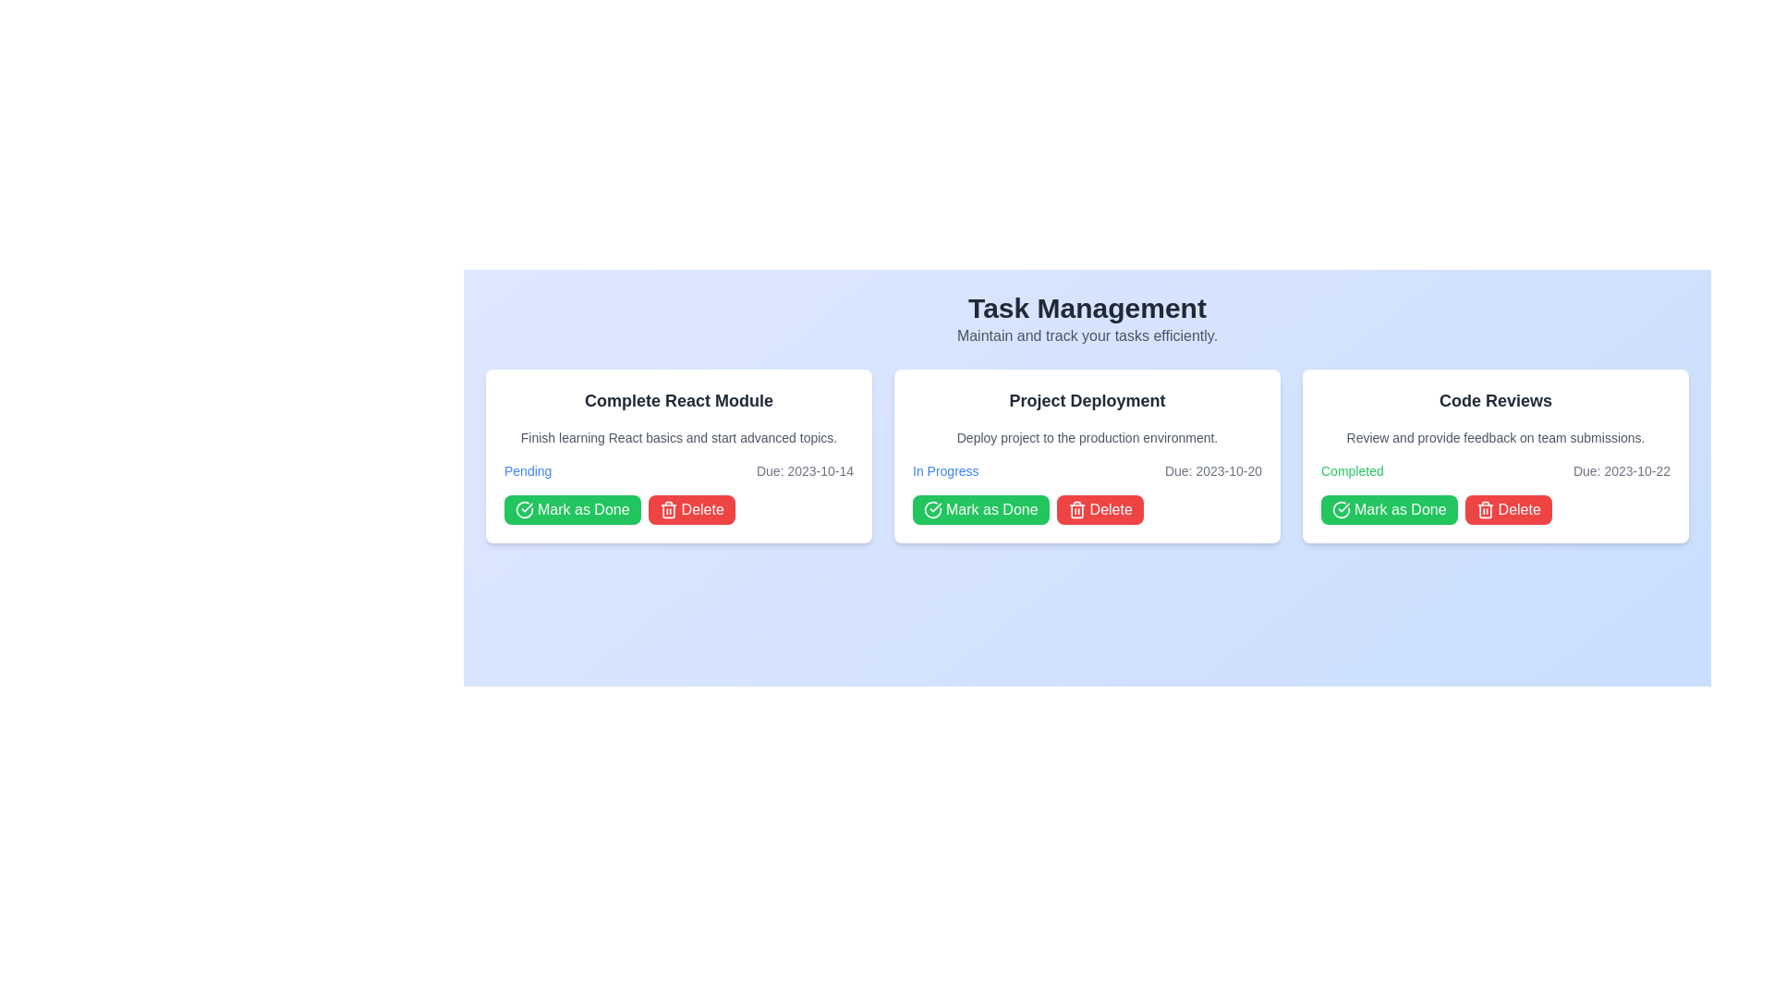  What do you see at coordinates (945, 469) in the screenshot?
I see `the text label that reads 'In Progress', which is styled in a medium-sized, blue, sans-serif font, located on the 'Project Deployment' module card, positioned just below the task description` at bounding box center [945, 469].